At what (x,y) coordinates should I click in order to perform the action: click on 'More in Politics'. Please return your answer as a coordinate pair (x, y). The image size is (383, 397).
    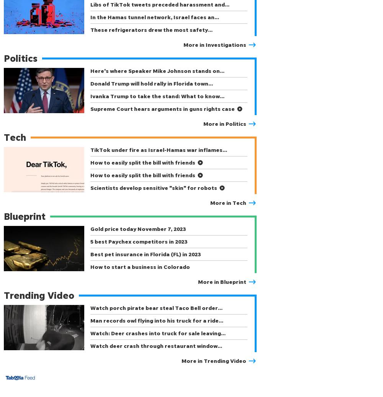
    Looking at the image, I should click on (224, 124).